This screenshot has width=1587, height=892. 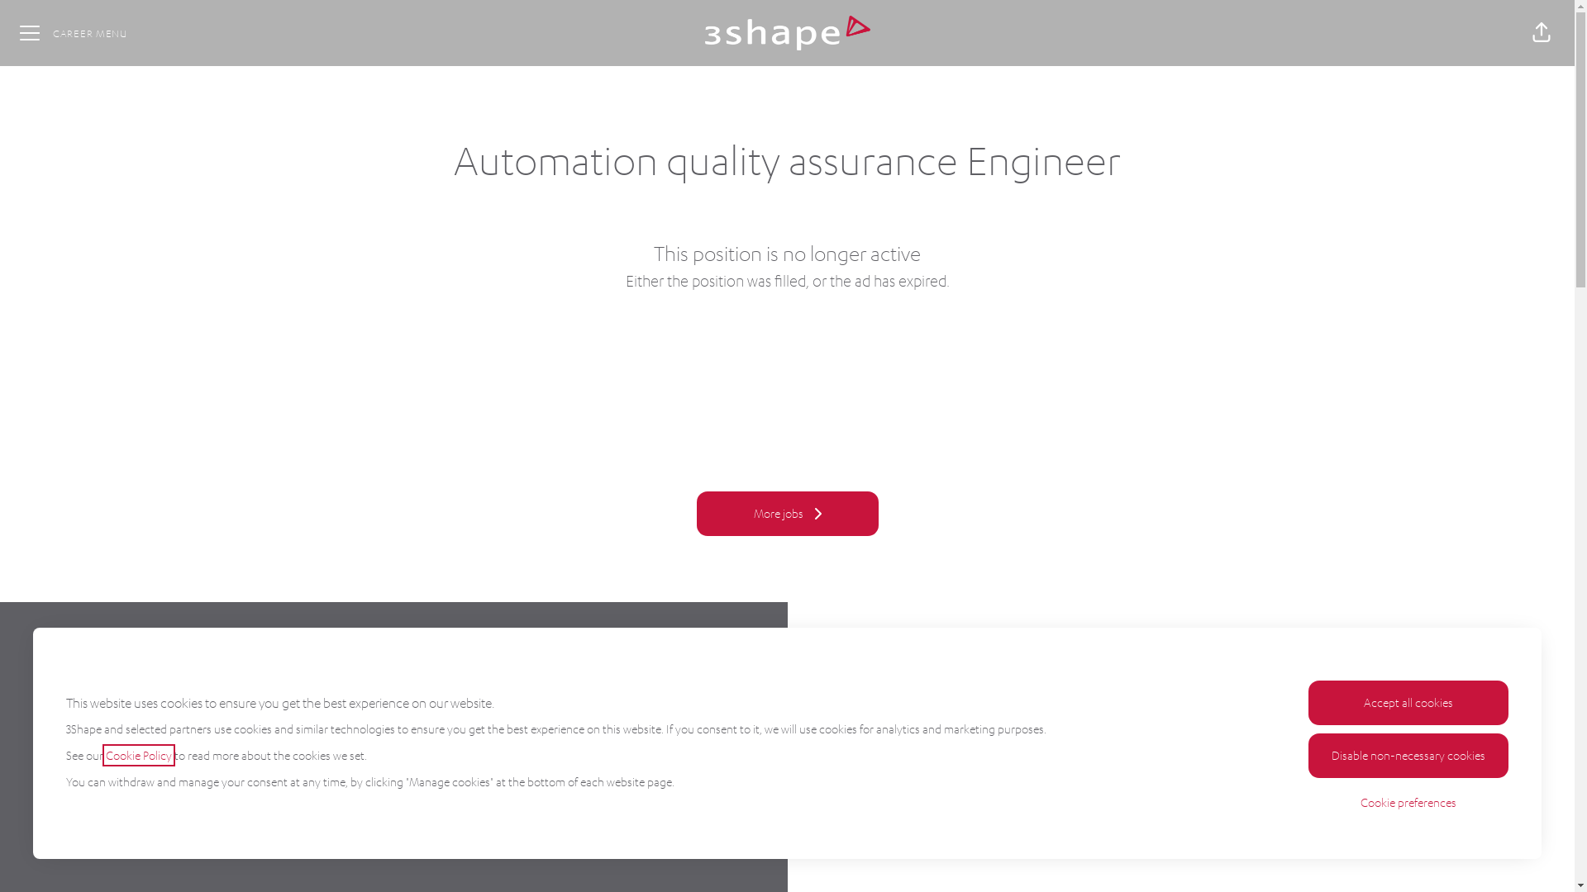 What do you see at coordinates (1408, 703) in the screenshot?
I see `'Accept all cookies'` at bounding box center [1408, 703].